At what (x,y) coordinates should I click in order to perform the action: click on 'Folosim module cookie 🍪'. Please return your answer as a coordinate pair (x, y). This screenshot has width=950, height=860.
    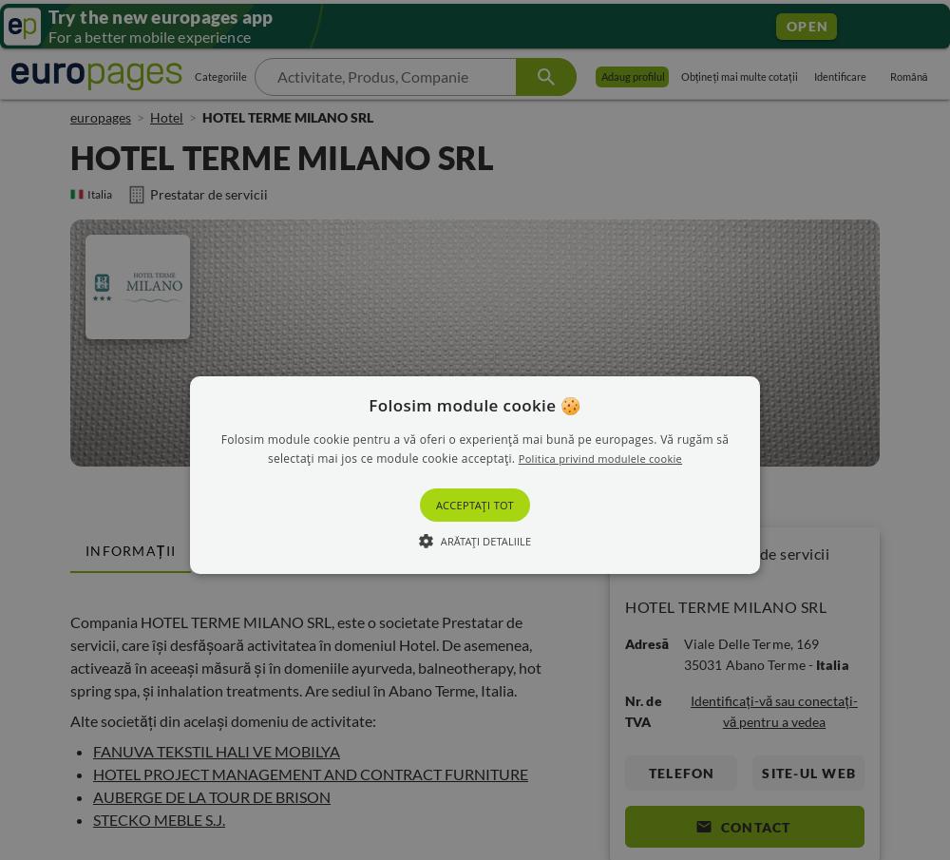
    Looking at the image, I should click on (473, 403).